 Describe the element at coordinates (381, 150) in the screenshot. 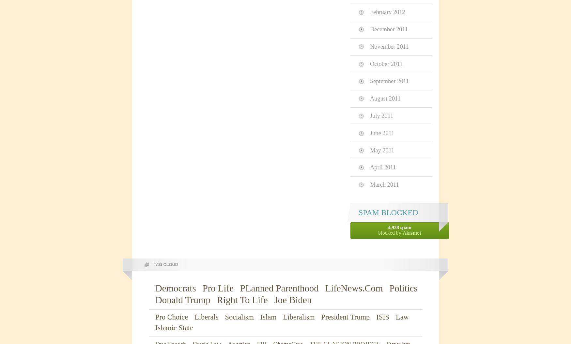

I see `'May 2011'` at that location.